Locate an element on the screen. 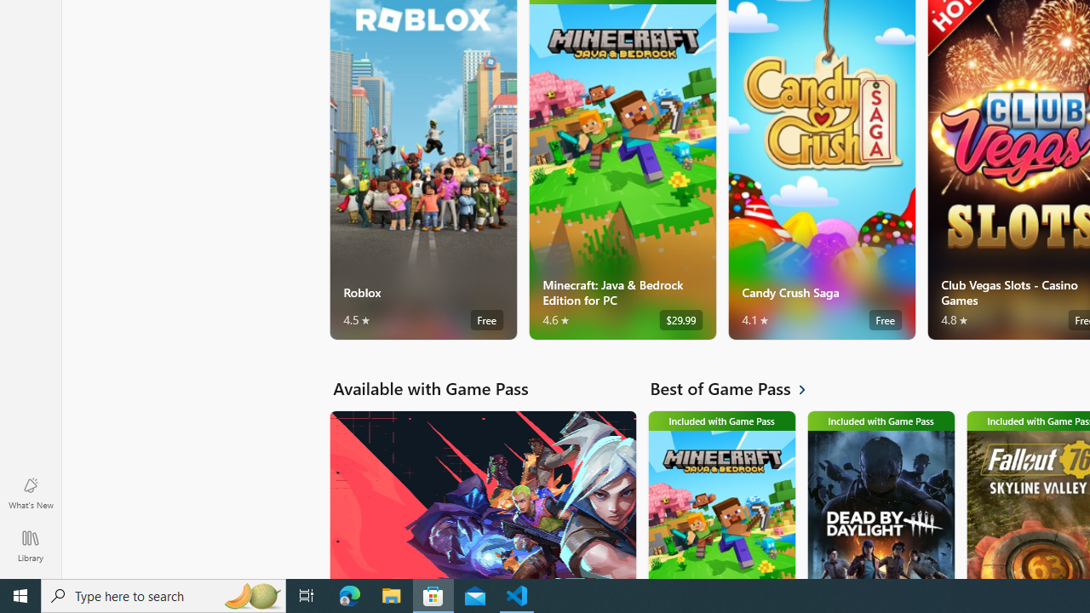 The width and height of the screenshot is (1090, 613). 'Available with Game Pass. VALORANT' is located at coordinates (482, 494).